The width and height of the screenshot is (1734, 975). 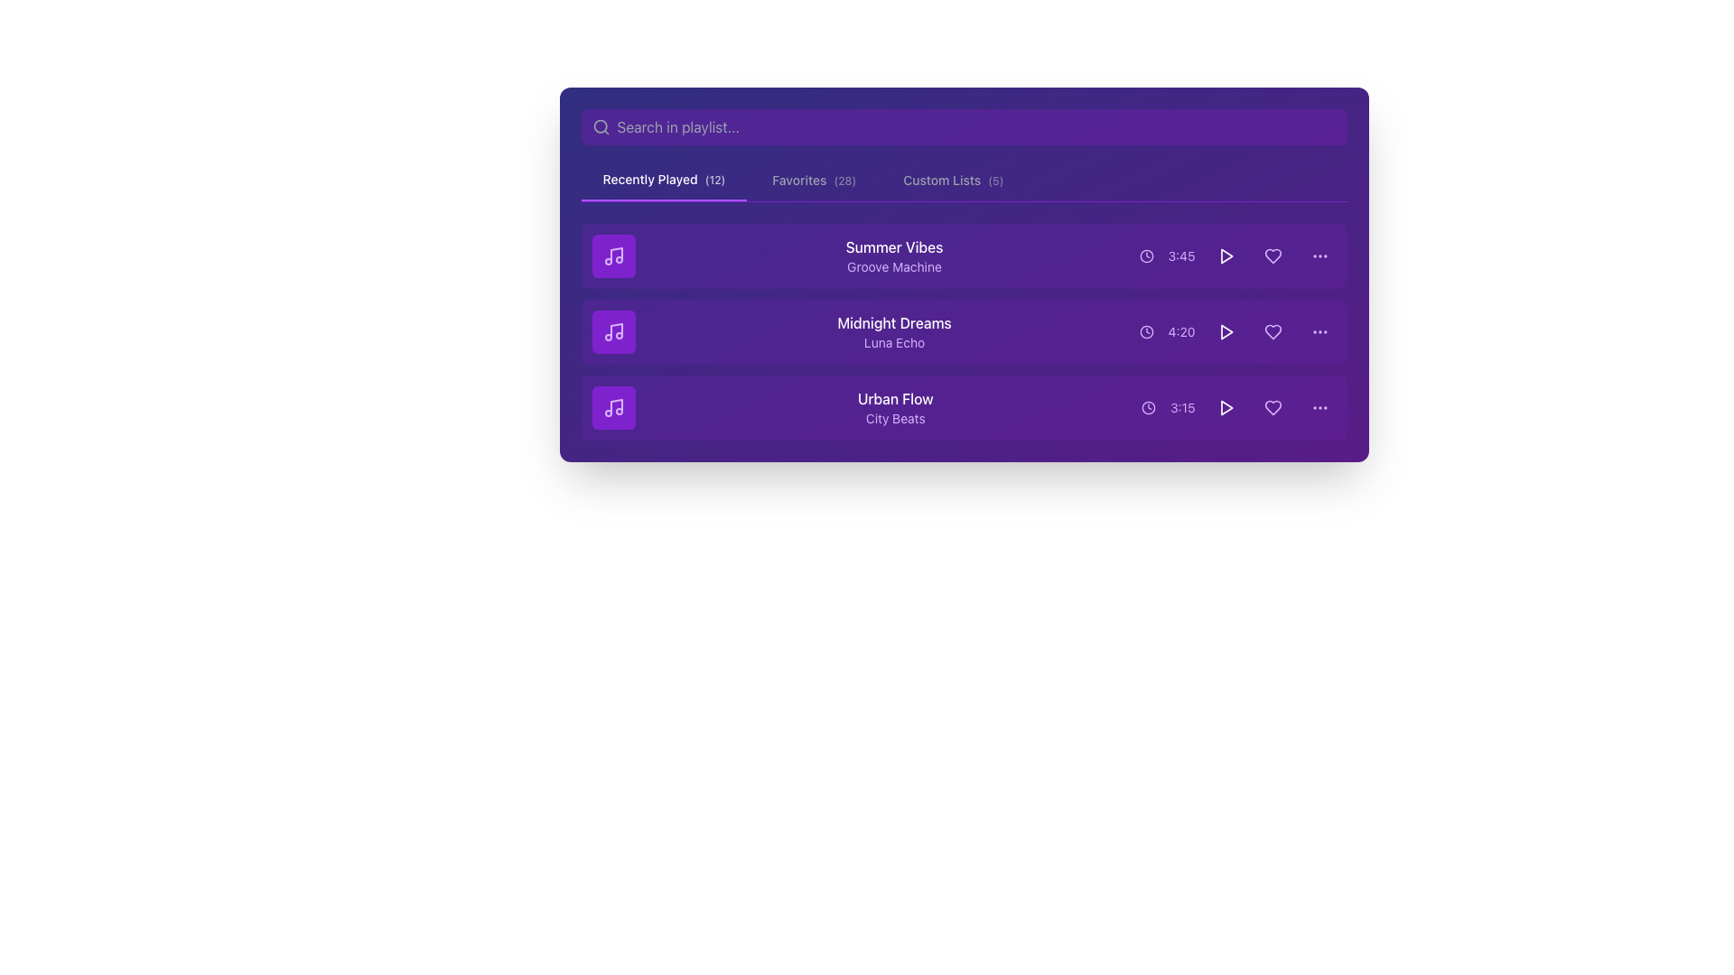 What do you see at coordinates (895, 418) in the screenshot?
I see `the text label indicating the sub-category or tag for the music item 'Urban Flow', which is the second text element in the playlist interface` at bounding box center [895, 418].